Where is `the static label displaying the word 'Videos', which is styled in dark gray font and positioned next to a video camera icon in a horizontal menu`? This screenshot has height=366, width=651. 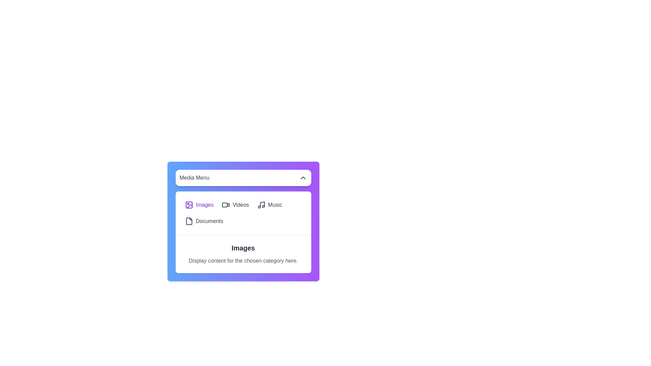 the static label displaying the word 'Videos', which is styled in dark gray font and positioned next to a video camera icon in a horizontal menu is located at coordinates (241, 205).